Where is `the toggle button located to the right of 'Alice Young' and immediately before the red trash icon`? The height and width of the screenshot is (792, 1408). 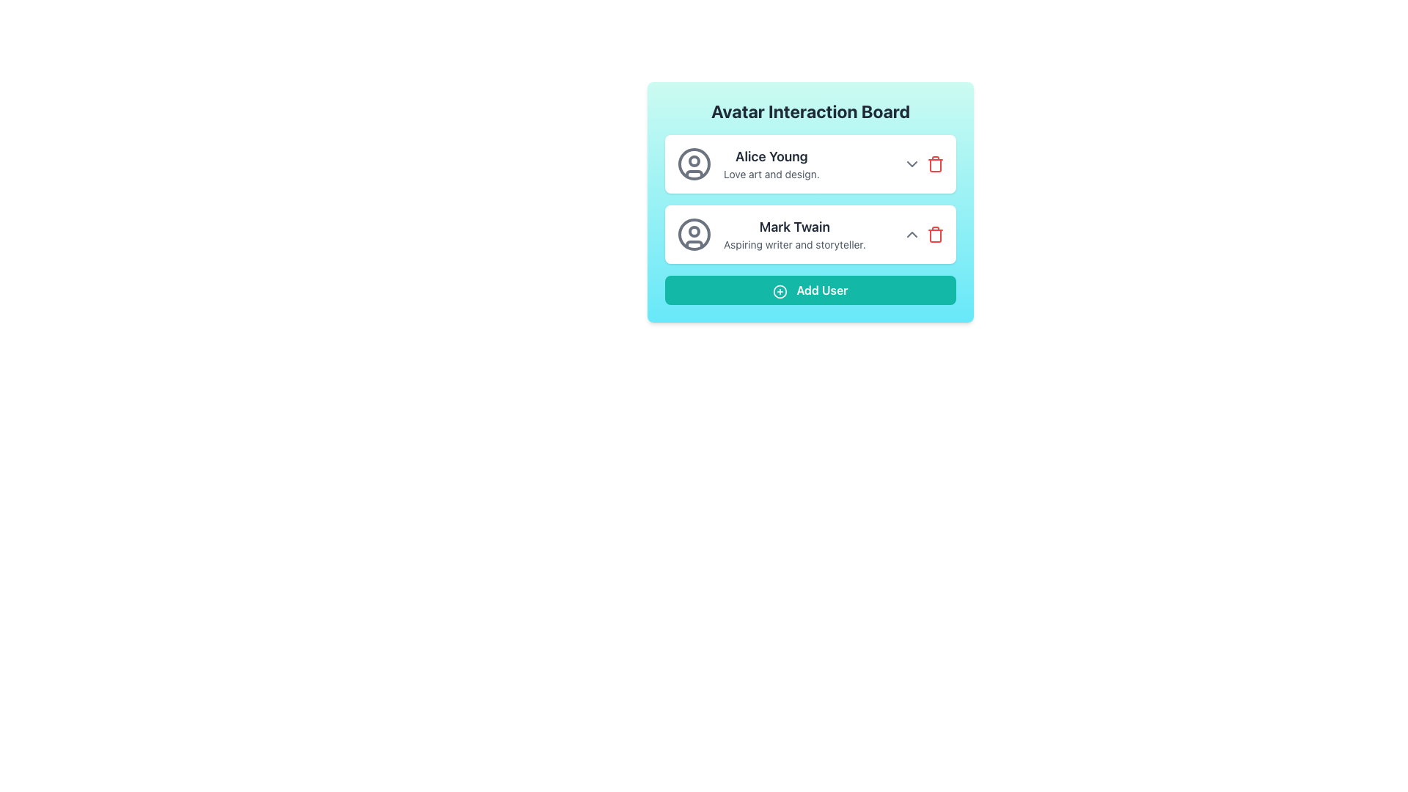
the toggle button located to the right of 'Alice Young' and immediately before the red trash icon is located at coordinates (911, 164).